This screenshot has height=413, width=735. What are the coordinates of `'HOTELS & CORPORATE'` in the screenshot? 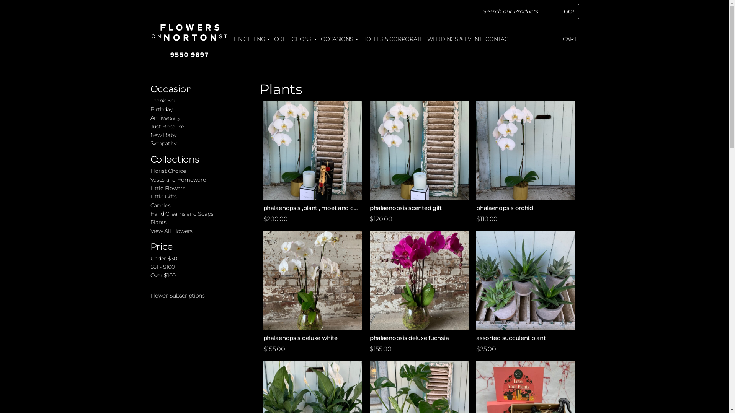 It's located at (393, 39).